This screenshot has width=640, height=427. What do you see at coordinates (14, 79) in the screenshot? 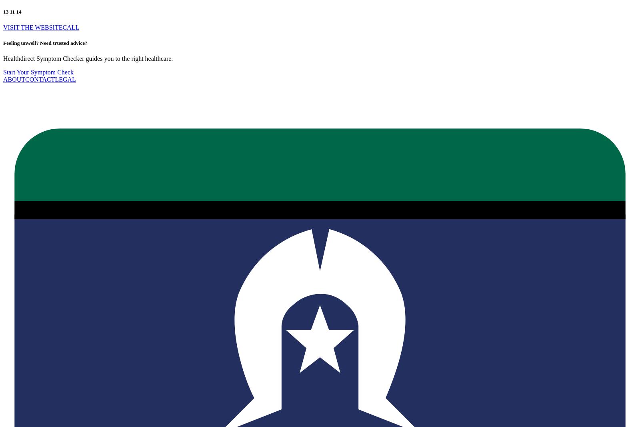
I see `'ABOUT'` at bounding box center [14, 79].